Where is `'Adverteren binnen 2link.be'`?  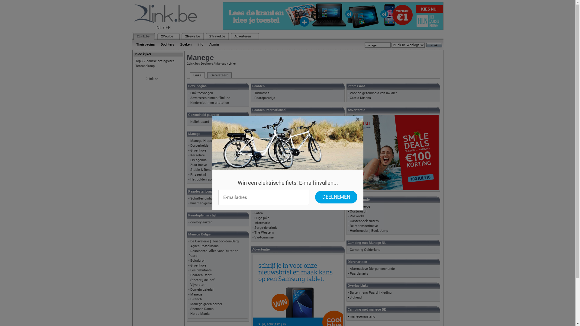
'Adverteren binnen 2link.be' is located at coordinates (210, 97).